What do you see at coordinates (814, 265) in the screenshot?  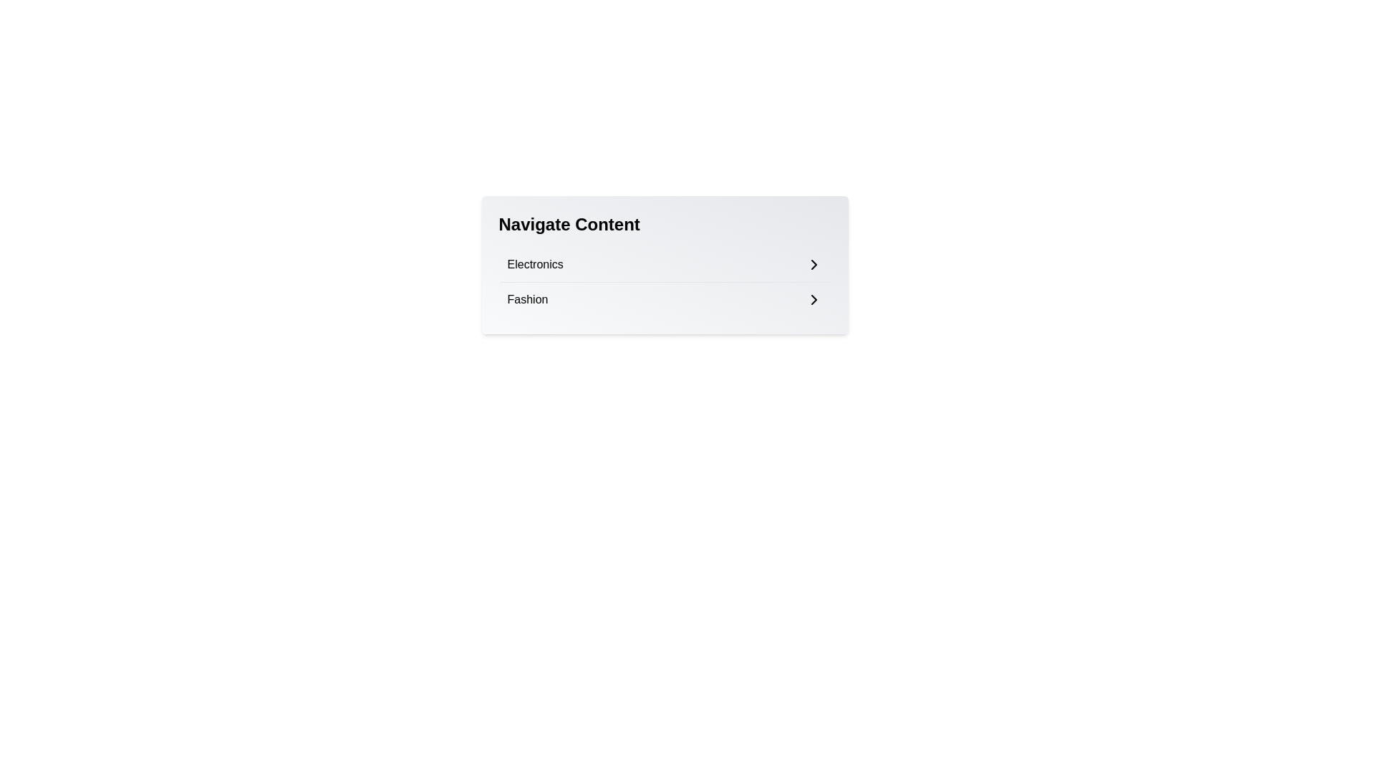 I see `the chevron icon that points to the right, located to the far-right of the 'Electronics' label for accessibility` at bounding box center [814, 265].